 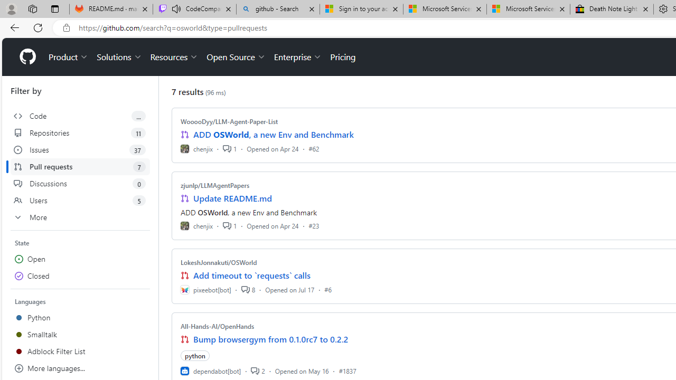 What do you see at coordinates (347, 370) in the screenshot?
I see `'#1837'` at bounding box center [347, 370].